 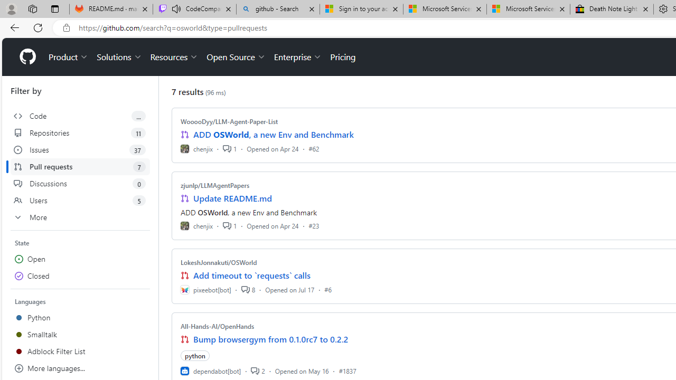 What do you see at coordinates (347, 370) in the screenshot?
I see `'#1837'` at bounding box center [347, 370].